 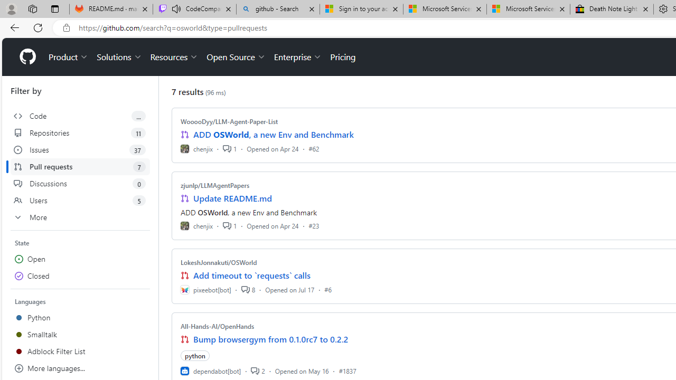 What do you see at coordinates (347, 370) in the screenshot?
I see `'#1837'` at bounding box center [347, 370].